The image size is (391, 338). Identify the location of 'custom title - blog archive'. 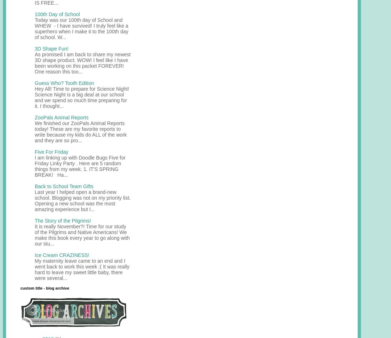
(45, 287).